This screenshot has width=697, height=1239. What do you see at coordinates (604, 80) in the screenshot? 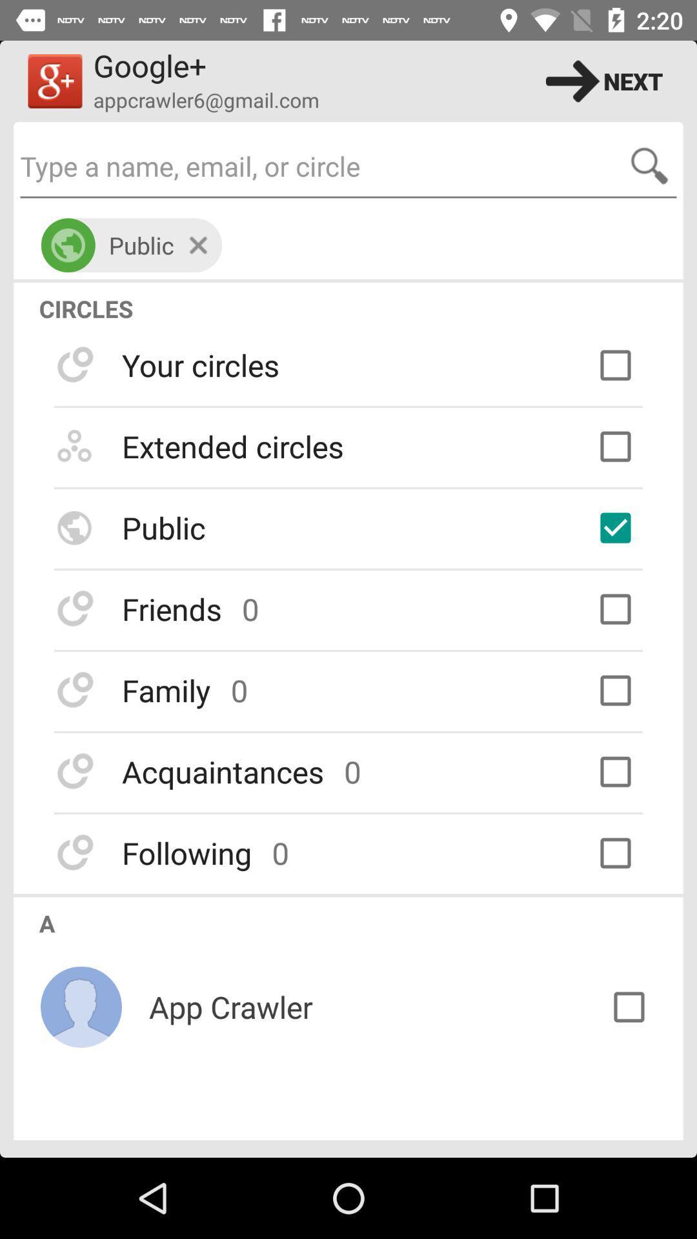
I see `the next icon` at bounding box center [604, 80].